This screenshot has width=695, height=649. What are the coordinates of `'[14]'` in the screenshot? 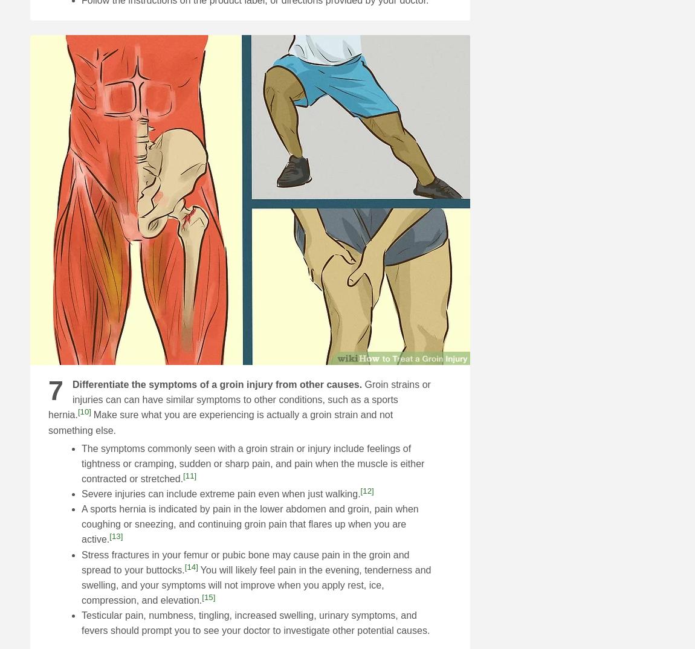 It's located at (191, 566).